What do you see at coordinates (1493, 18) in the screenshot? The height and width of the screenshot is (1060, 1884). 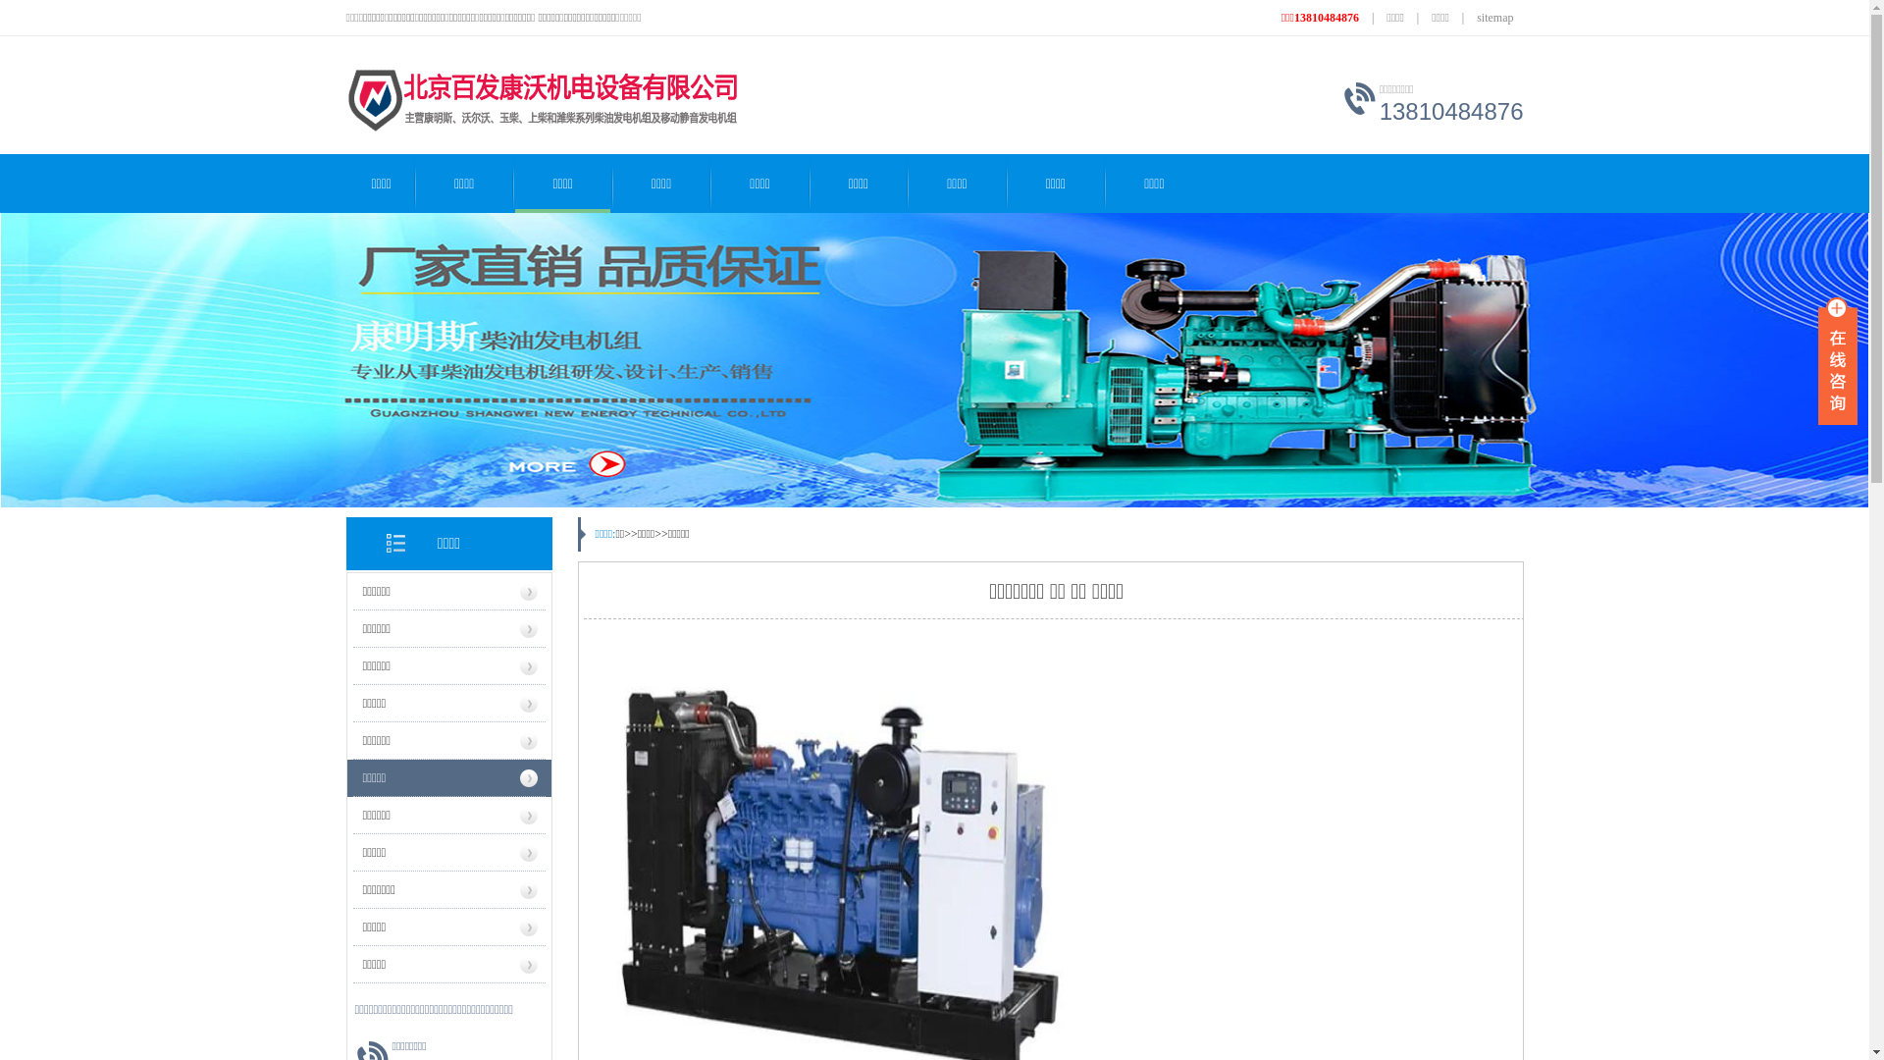 I see `'sitemap'` at bounding box center [1493, 18].